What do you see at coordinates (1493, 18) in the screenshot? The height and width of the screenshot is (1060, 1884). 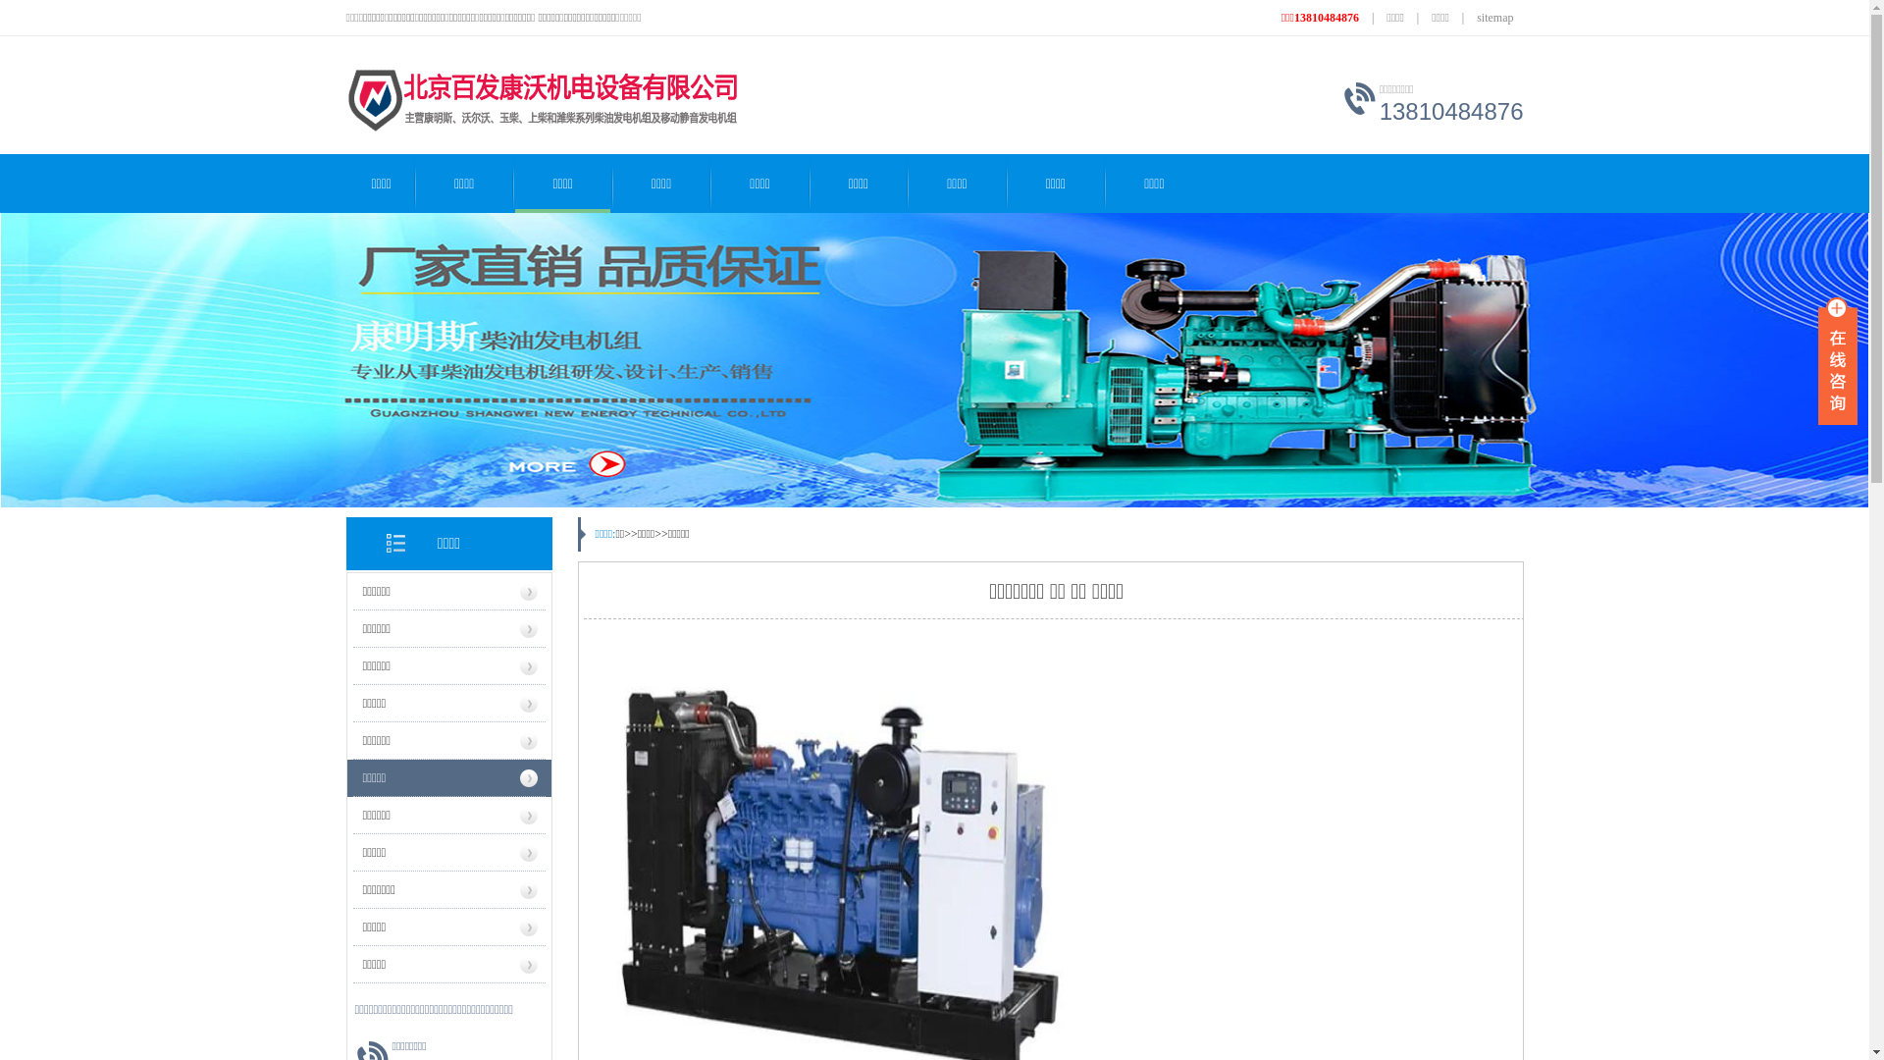 I see `'sitemap'` at bounding box center [1493, 18].